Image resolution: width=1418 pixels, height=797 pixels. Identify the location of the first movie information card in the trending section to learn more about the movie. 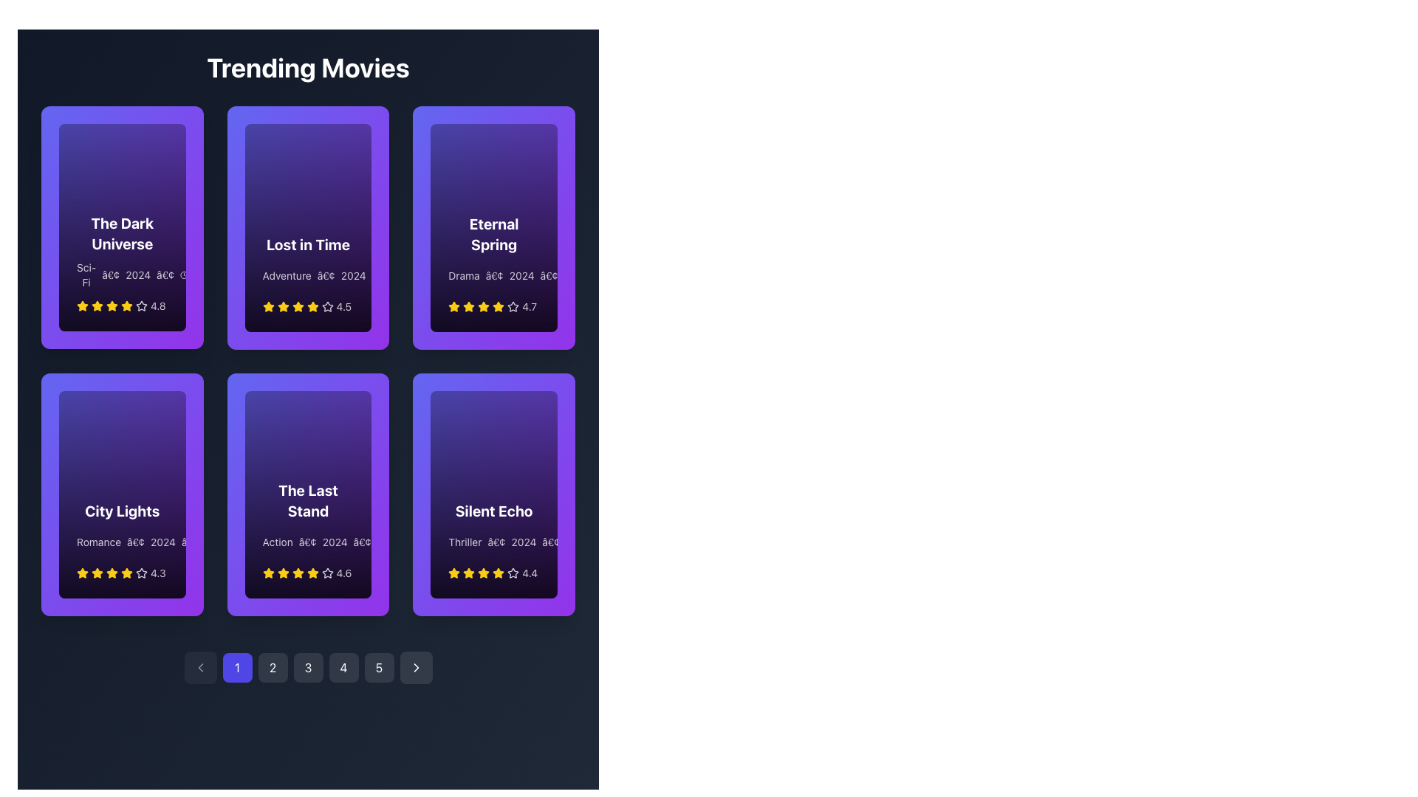
(122, 227).